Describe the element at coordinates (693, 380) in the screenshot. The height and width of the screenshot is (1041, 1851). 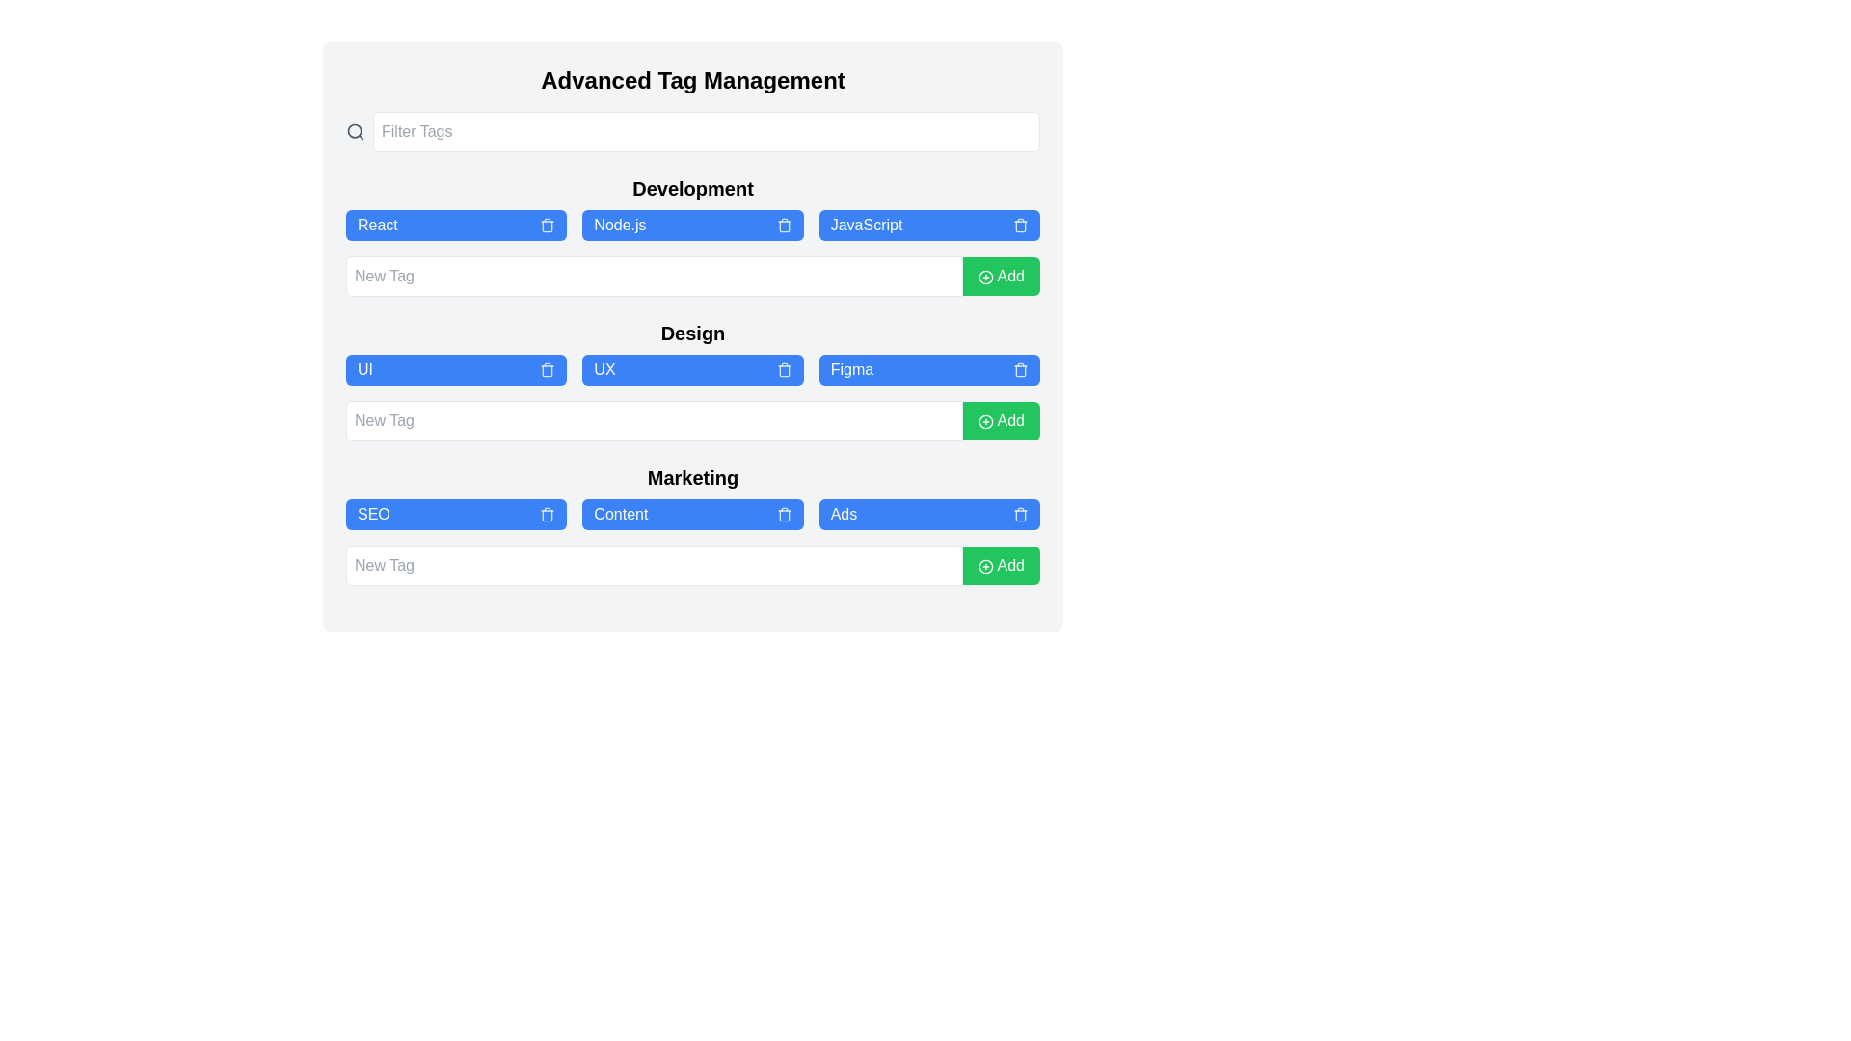
I see `the second button in the horizontal list labeled 'Design'` at that location.